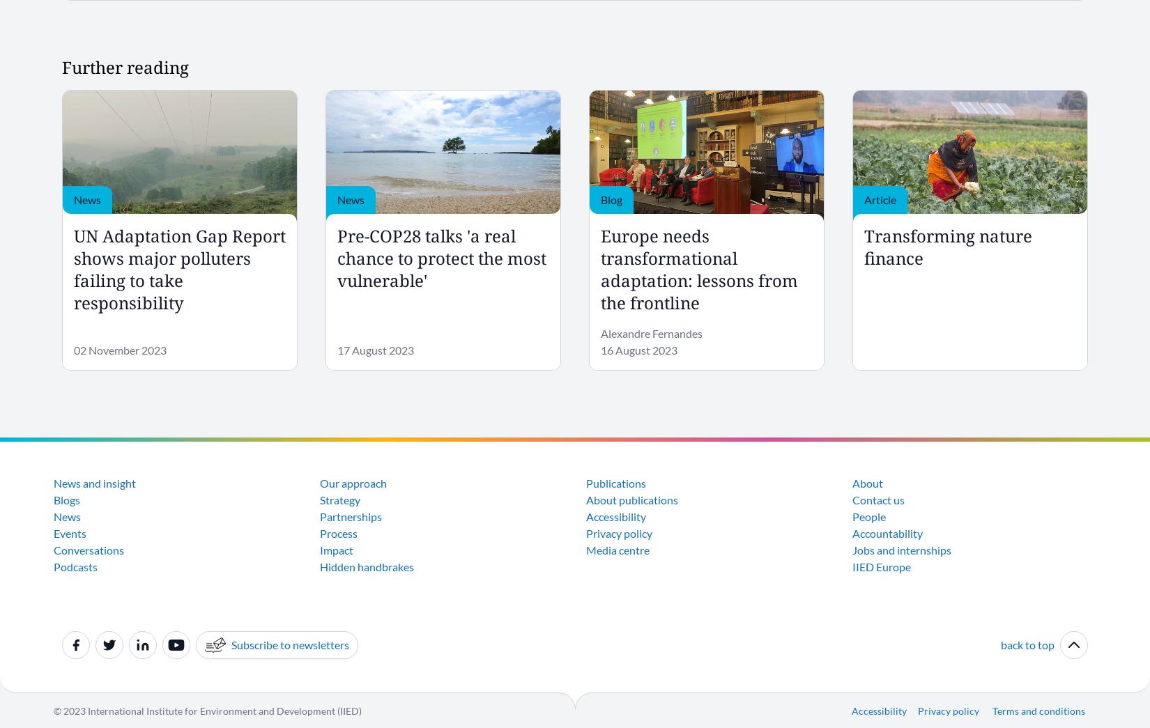 This screenshot has width=1150, height=728. Describe the element at coordinates (353, 482) in the screenshot. I see `'Our approach'` at that location.